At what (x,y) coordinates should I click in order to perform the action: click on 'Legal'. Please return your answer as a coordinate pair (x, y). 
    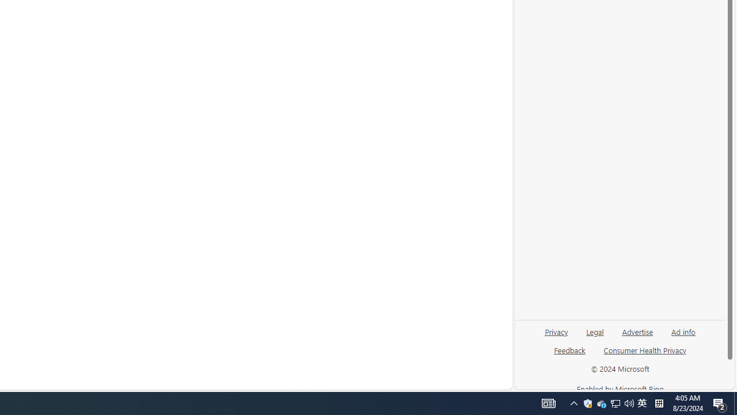
    Looking at the image, I should click on (595, 336).